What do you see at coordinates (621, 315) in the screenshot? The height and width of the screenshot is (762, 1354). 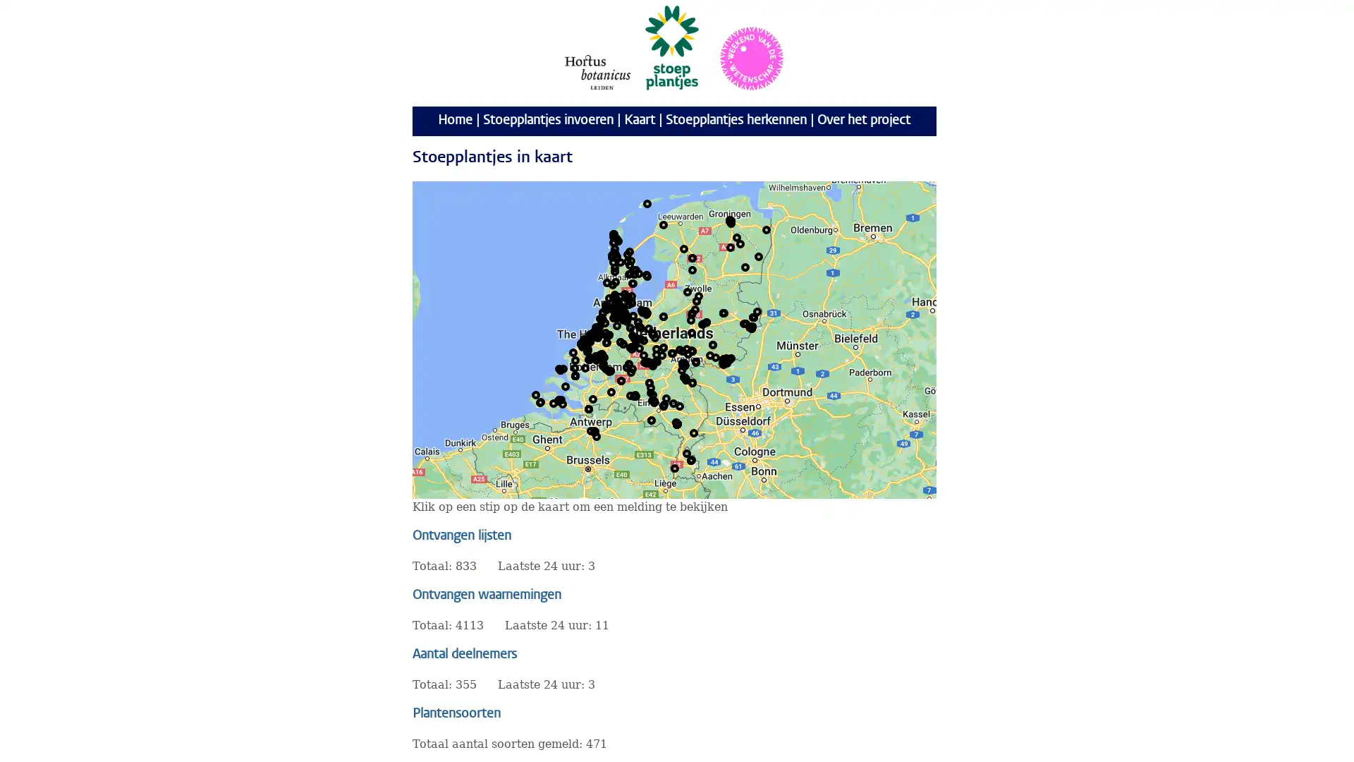 I see `Telling van Ria Simon op 07 oktober 2021` at bounding box center [621, 315].